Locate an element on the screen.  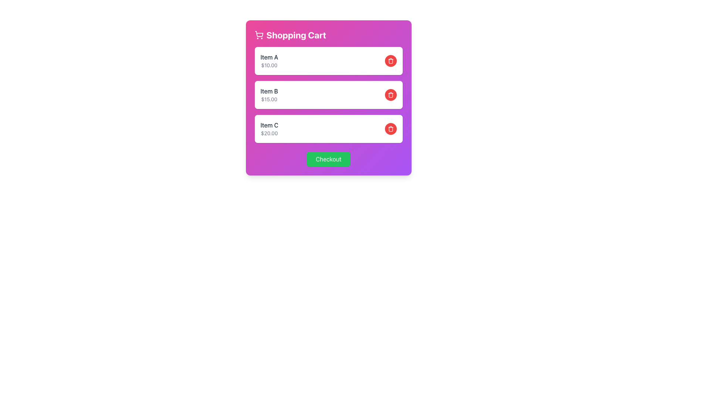
the price text label for 'Item A' in the shopping cart, which is located directly below the corresponding item label is located at coordinates (269, 65).